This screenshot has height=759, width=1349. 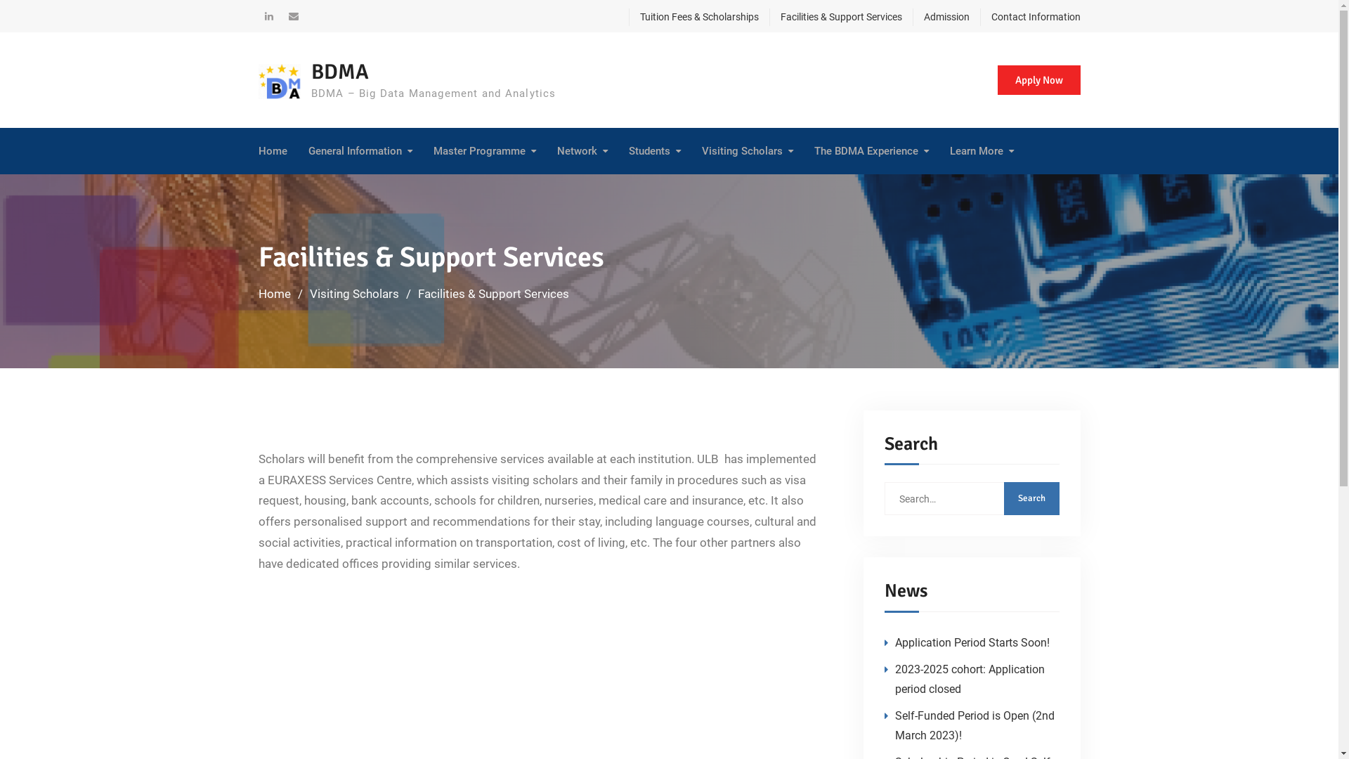 I want to click on 'Discover Our Network', so click(x=563, y=188).